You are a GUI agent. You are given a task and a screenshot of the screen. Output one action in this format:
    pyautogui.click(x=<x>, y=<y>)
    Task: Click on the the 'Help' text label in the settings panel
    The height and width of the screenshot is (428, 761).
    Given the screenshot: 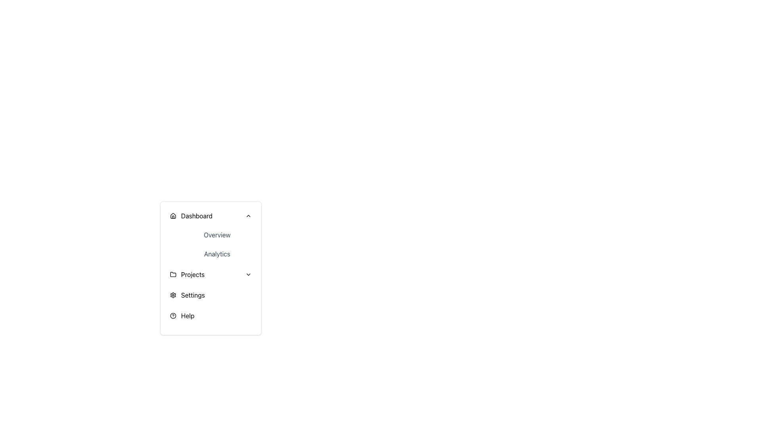 What is the action you would take?
    pyautogui.click(x=187, y=315)
    